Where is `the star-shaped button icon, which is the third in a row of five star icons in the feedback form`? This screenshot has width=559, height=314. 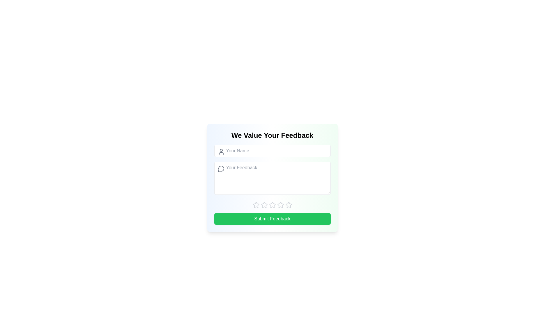 the star-shaped button icon, which is the third in a row of five star icons in the feedback form is located at coordinates (264, 205).